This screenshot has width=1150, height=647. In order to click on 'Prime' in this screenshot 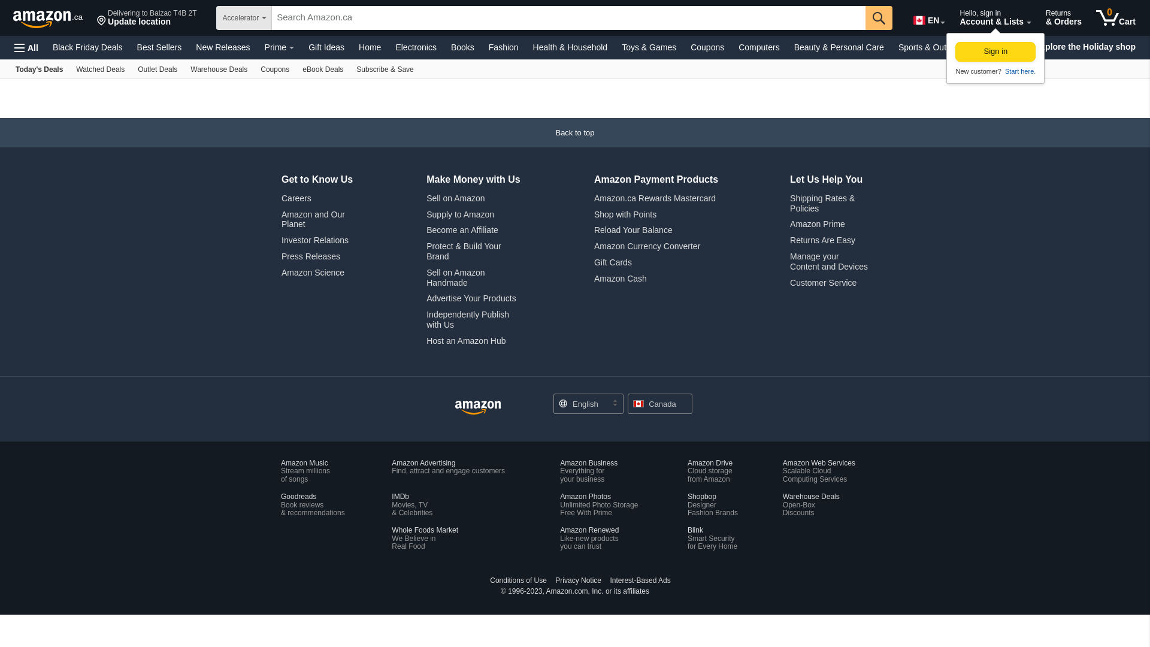, I will do `click(279, 46)`.